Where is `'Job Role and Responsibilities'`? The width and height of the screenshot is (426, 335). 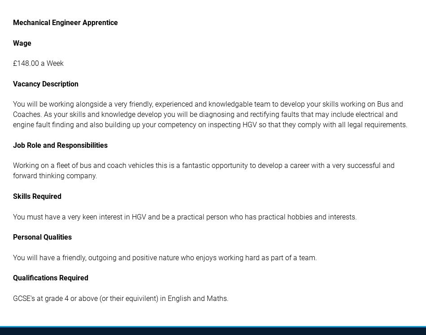
'Job Role and Responsibilities' is located at coordinates (60, 145).